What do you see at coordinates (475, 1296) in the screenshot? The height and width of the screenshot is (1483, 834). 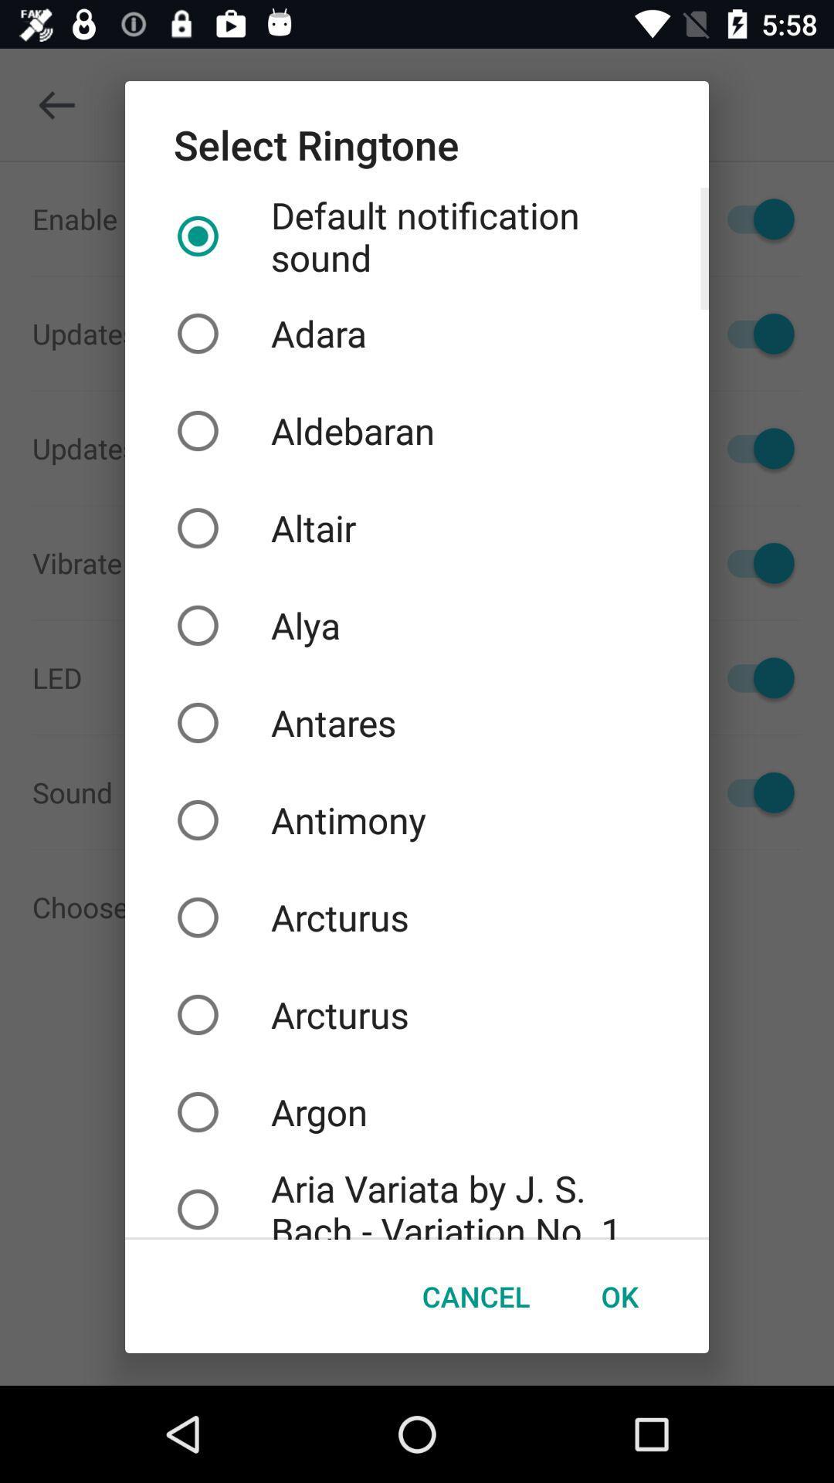 I see `the cancel button` at bounding box center [475, 1296].